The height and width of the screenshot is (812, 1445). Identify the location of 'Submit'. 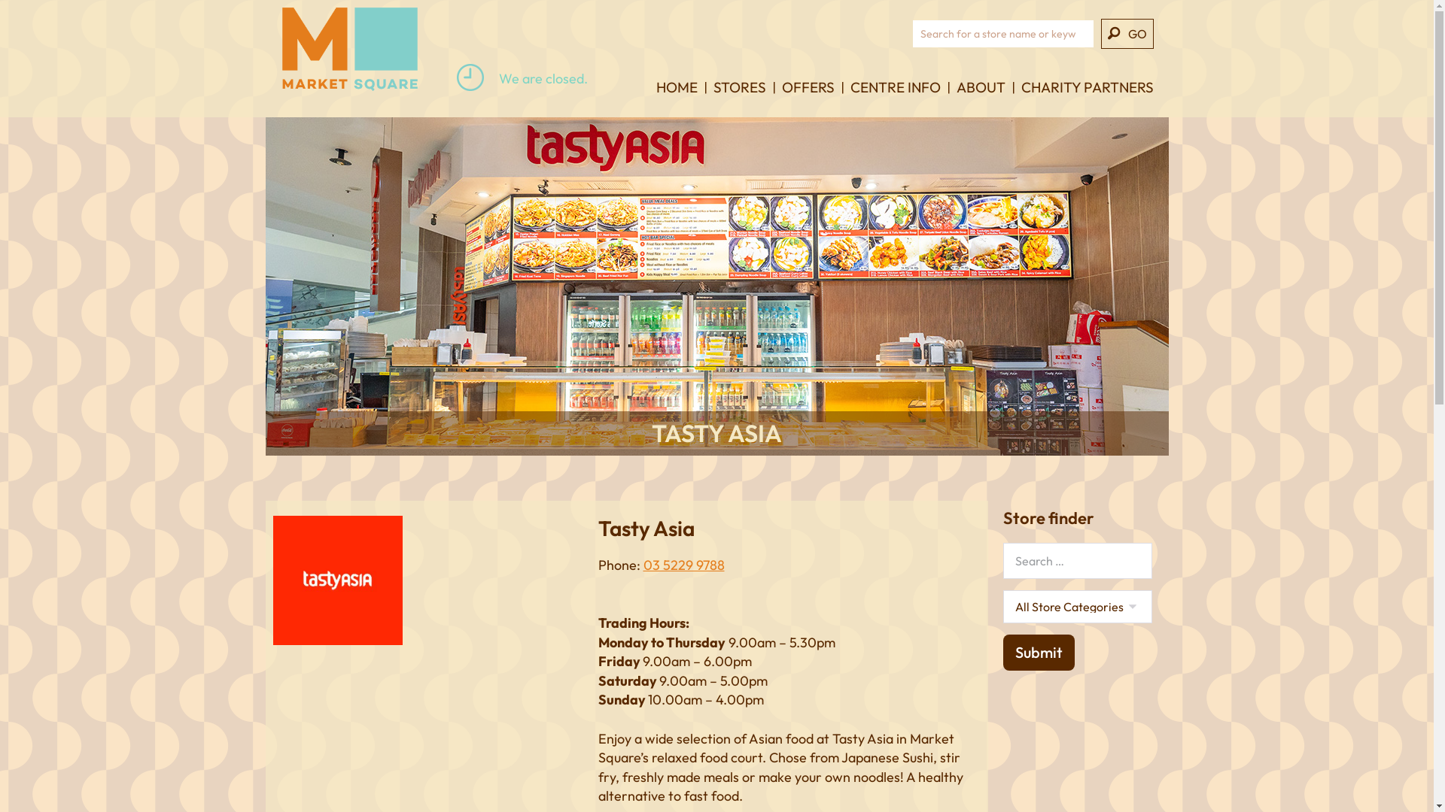
(1037, 651).